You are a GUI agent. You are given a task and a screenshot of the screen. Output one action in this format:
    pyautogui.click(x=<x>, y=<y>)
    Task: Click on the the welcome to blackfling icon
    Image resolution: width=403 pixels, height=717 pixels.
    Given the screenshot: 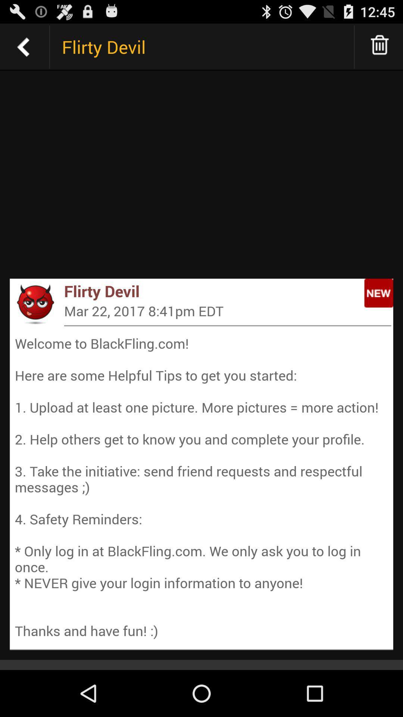 What is the action you would take?
    pyautogui.click(x=201, y=487)
    